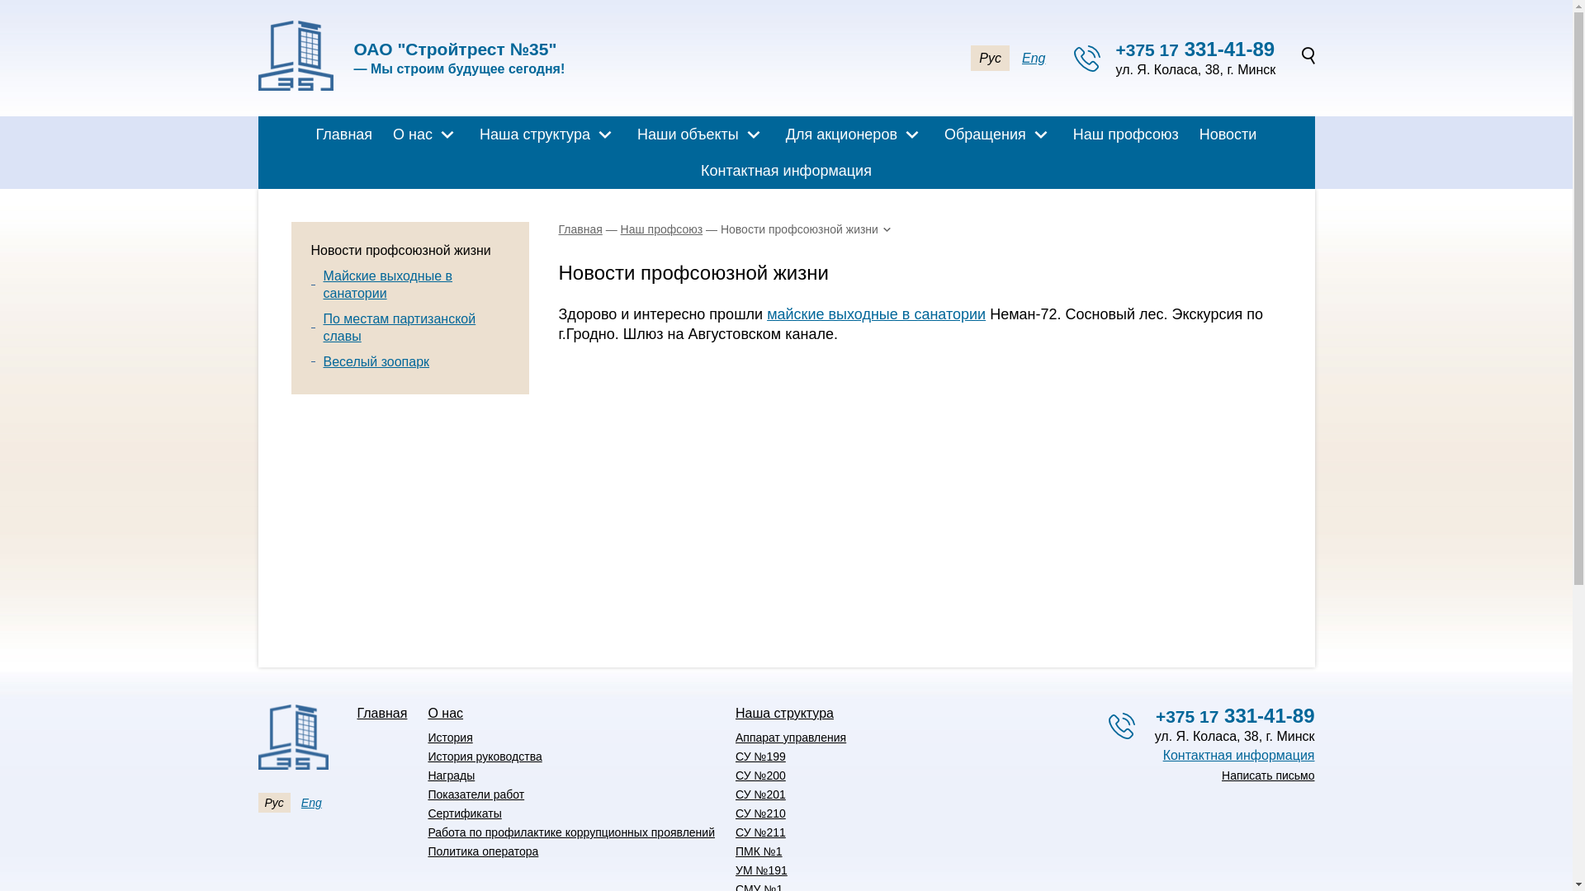 The image size is (1585, 891). What do you see at coordinates (311, 801) in the screenshot?
I see `'Eng'` at bounding box center [311, 801].